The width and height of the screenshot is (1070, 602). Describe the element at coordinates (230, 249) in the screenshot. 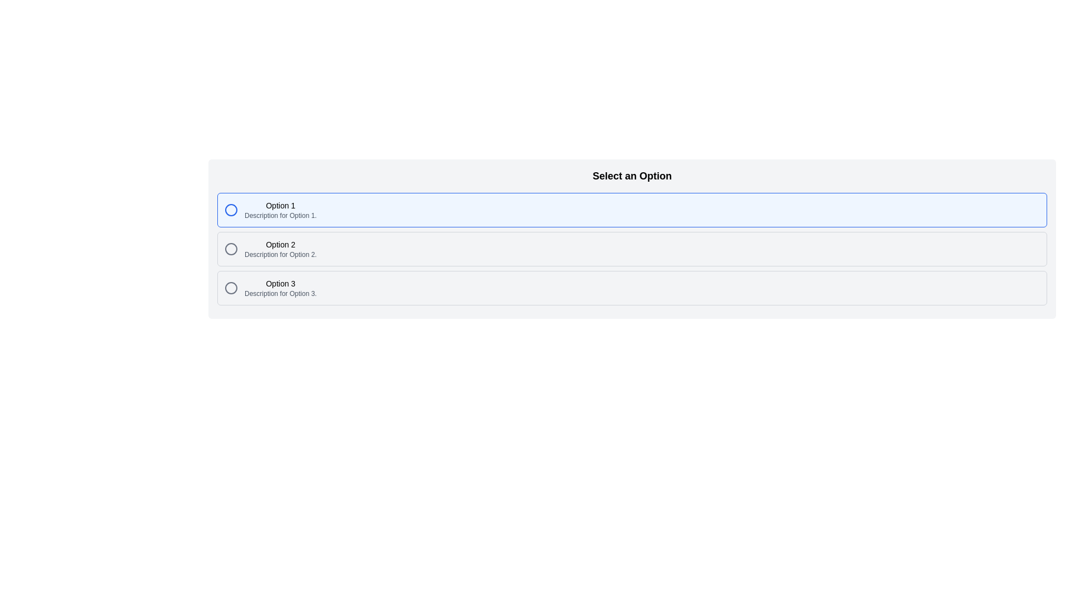

I see `the circular SVG graphic element associated with 'Option 2' in the interface` at that location.